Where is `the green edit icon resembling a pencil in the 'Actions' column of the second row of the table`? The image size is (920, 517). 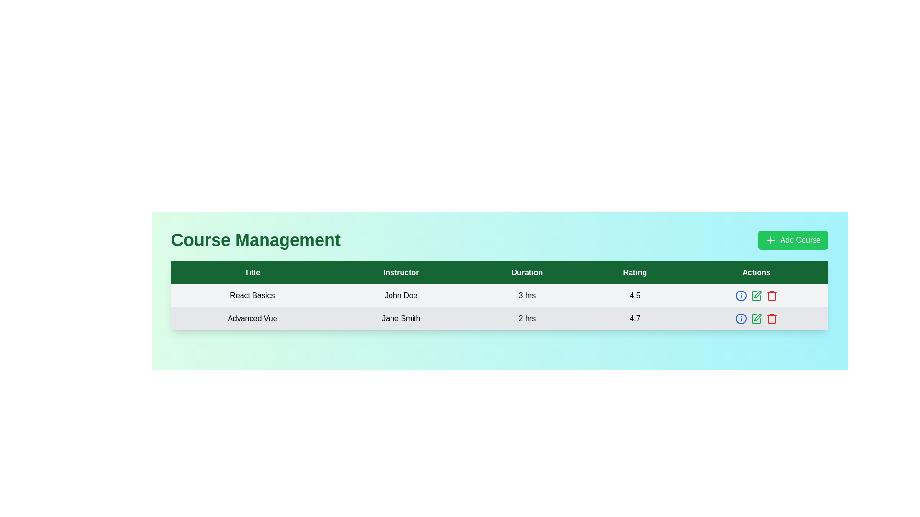 the green edit icon resembling a pencil in the 'Actions' column of the second row of the table is located at coordinates (756, 319).